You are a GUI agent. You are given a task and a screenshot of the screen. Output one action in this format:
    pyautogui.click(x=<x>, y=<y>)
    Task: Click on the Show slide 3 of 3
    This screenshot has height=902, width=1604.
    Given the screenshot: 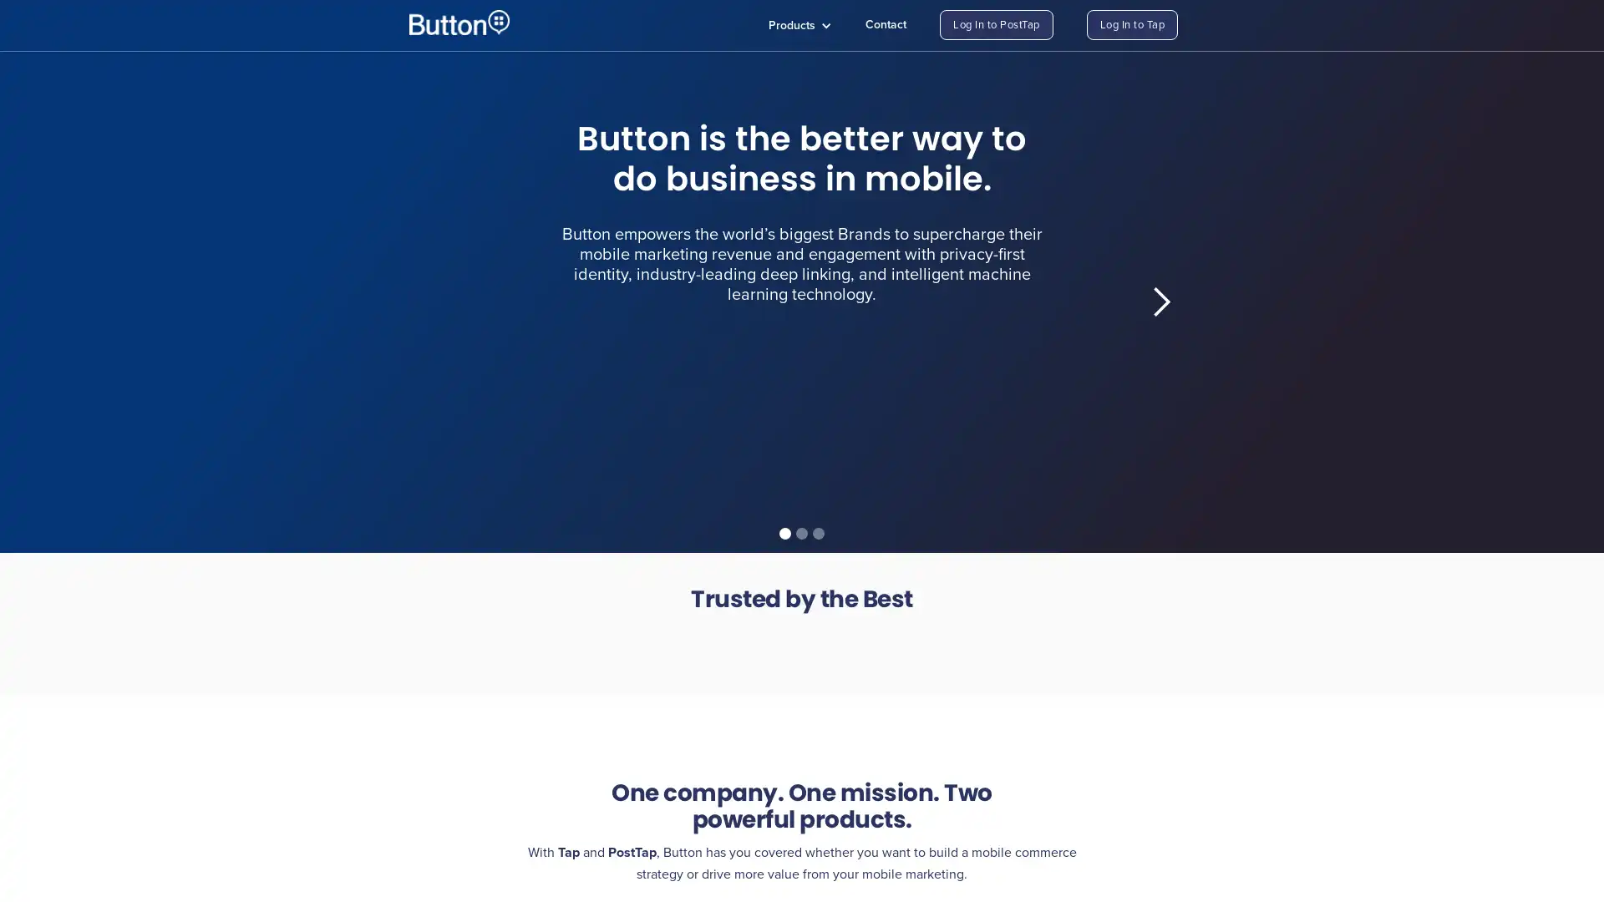 What is the action you would take?
    pyautogui.click(x=818, y=534)
    